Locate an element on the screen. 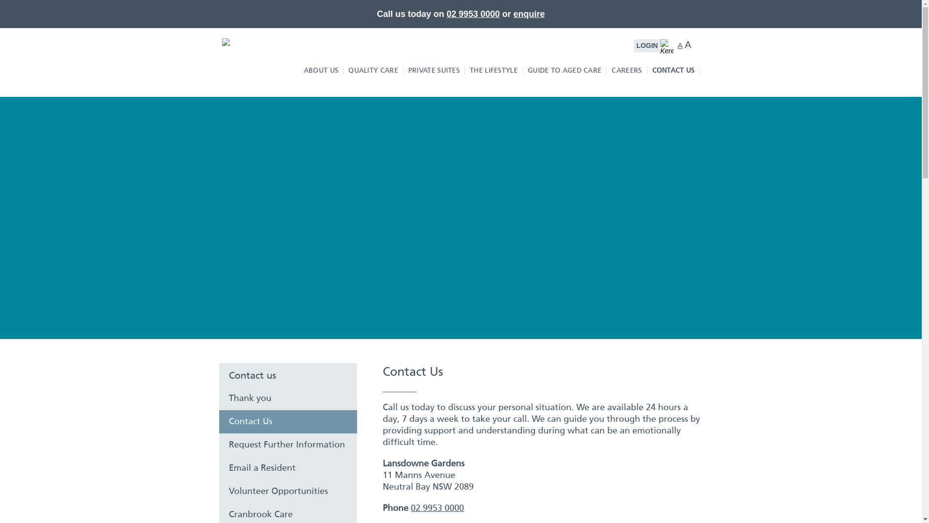 This screenshot has height=523, width=929. 'Volunteer Opportunities' is located at coordinates (287, 491).